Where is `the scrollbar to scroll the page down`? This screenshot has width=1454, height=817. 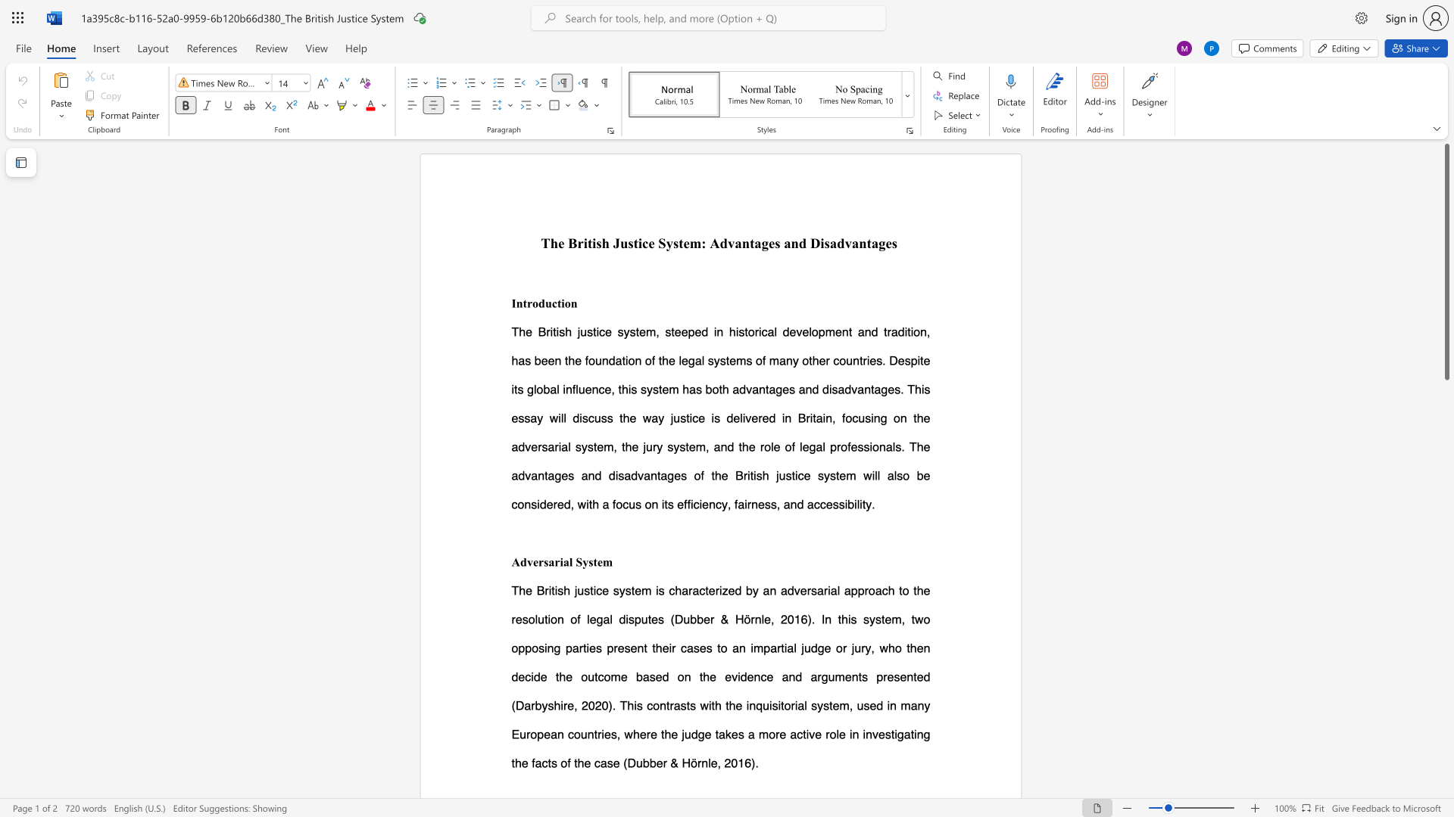 the scrollbar to scroll the page down is located at coordinates (1446, 528).